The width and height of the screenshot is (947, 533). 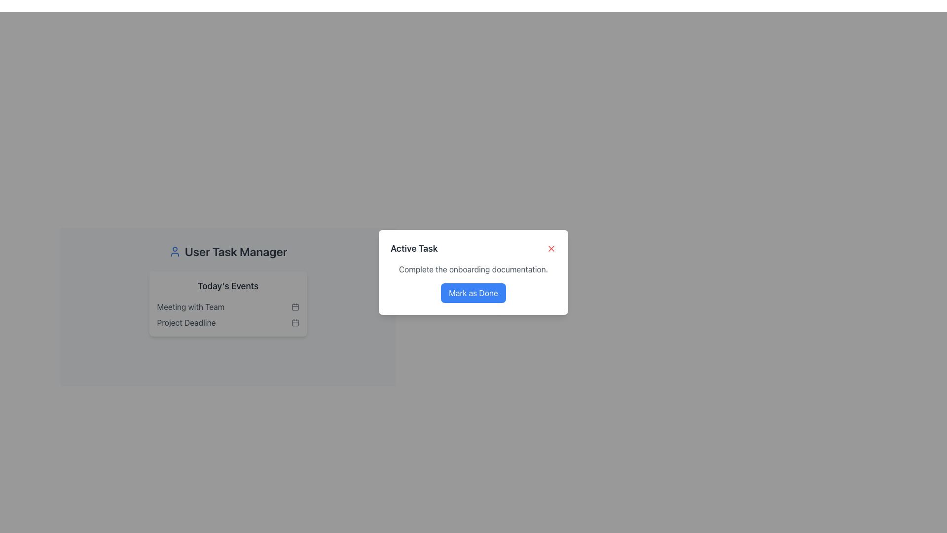 What do you see at coordinates (294, 323) in the screenshot?
I see `the icon located to the far-right of the 'Project Deadline' text in the bottom row of the 'Today's Events' section within the 'User Task Manager' module` at bounding box center [294, 323].